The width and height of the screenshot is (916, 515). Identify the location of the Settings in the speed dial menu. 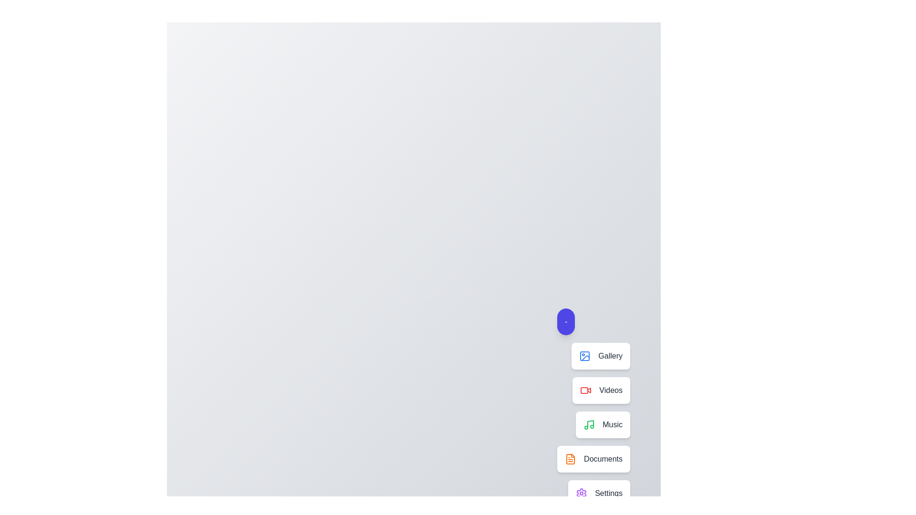
(599, 493).